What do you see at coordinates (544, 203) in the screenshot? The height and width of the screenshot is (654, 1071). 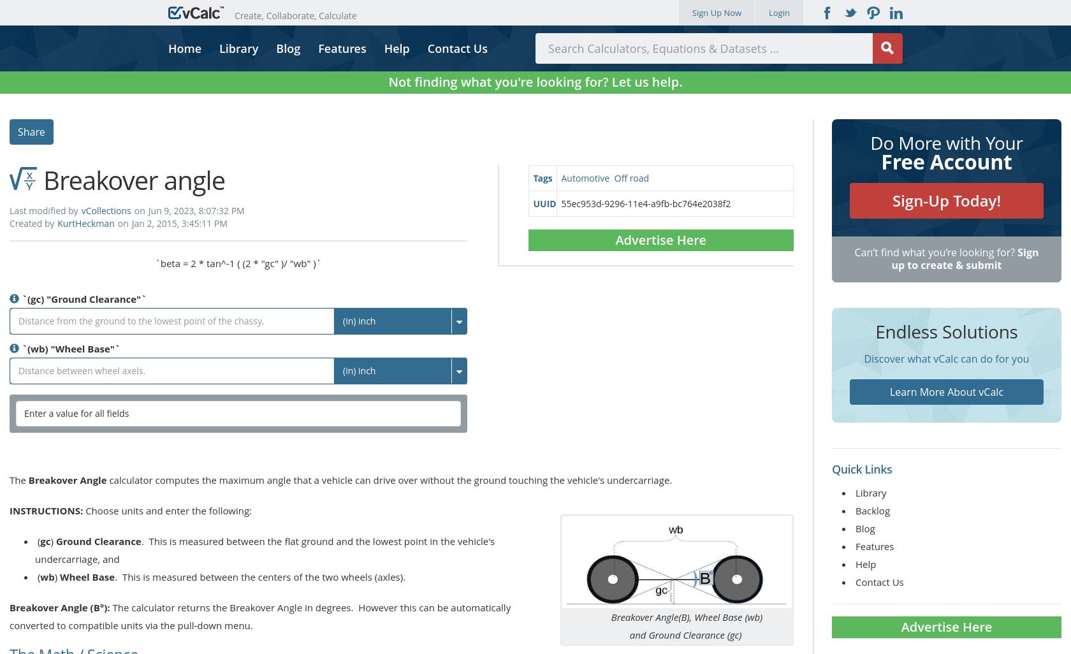 I see `'UUID'` at bounding box center [544, 203].